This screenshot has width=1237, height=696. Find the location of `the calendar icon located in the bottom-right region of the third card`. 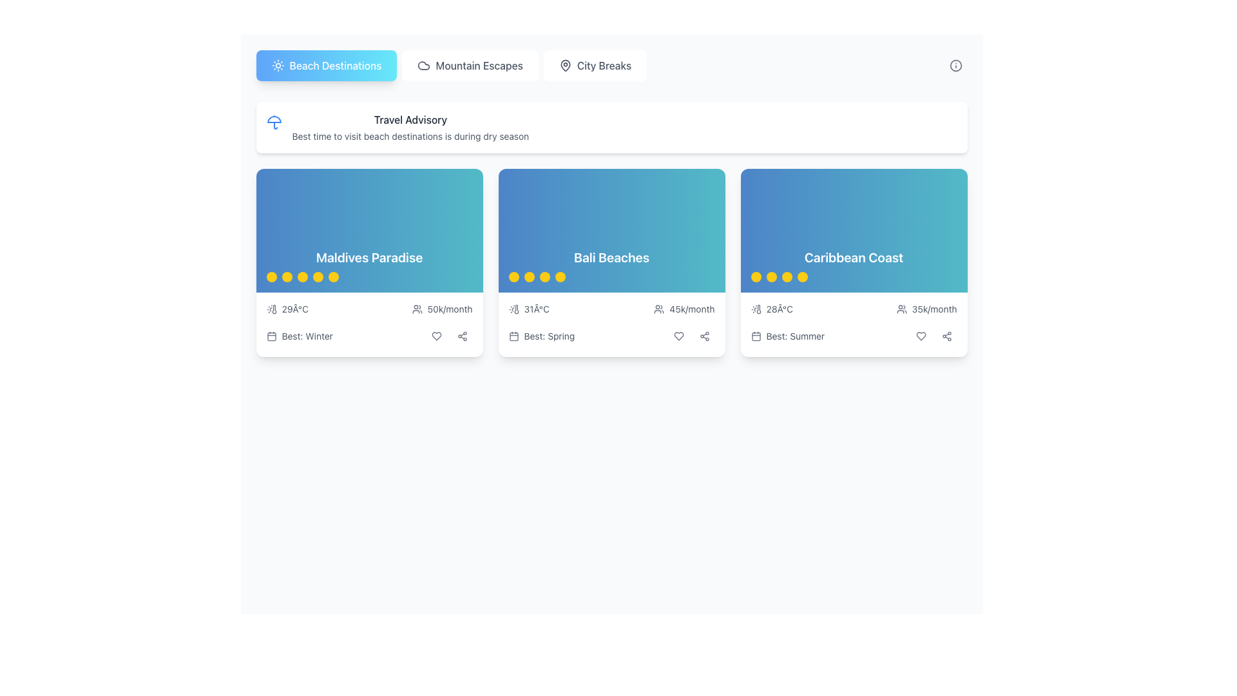

the calendar icon located in the bottom-right region of the third card is located at coordinates (756, 335).